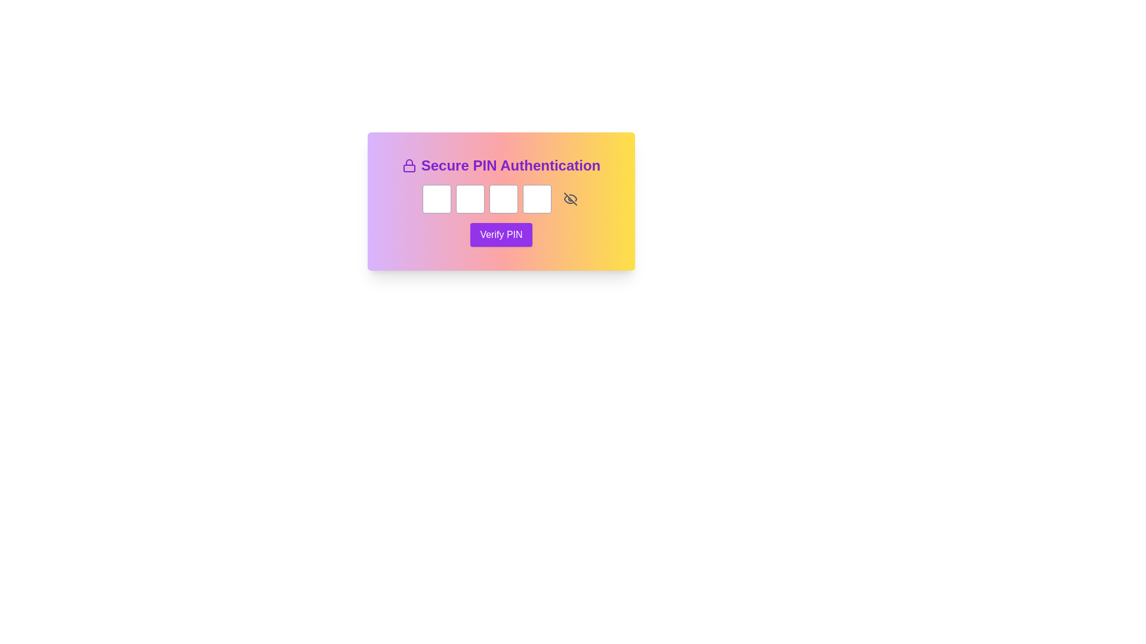 Image resolution: width=1146 pixels, height=644 pixels. What do you see at coordinates (569, 199) in the screenshot?
I see `the small eye icon with a diagonal line crossing it` at bounding box center [569, 199].